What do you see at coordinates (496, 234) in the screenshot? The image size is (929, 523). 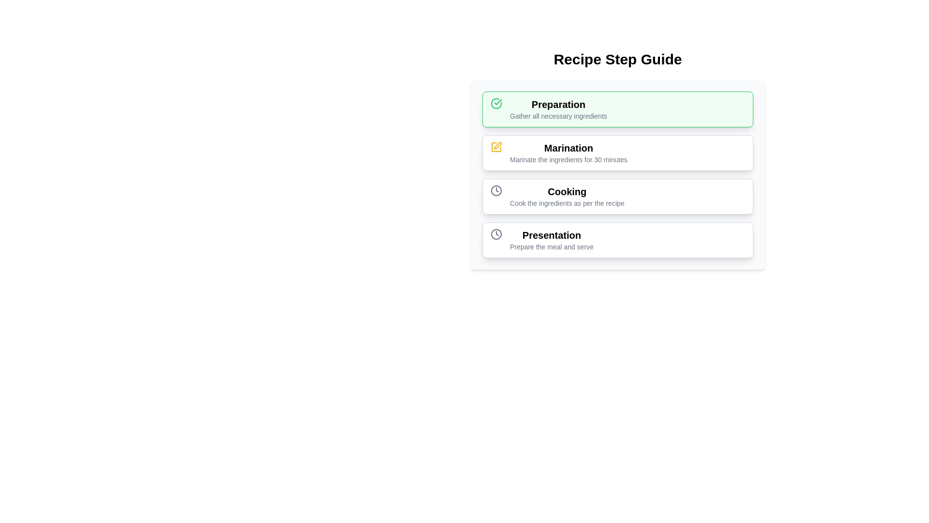 I see `the circular clock icon with a thin border located to the left of the text 'Presentation' in the fourth entry of the recipe steps` at bounding box center [496, 234].